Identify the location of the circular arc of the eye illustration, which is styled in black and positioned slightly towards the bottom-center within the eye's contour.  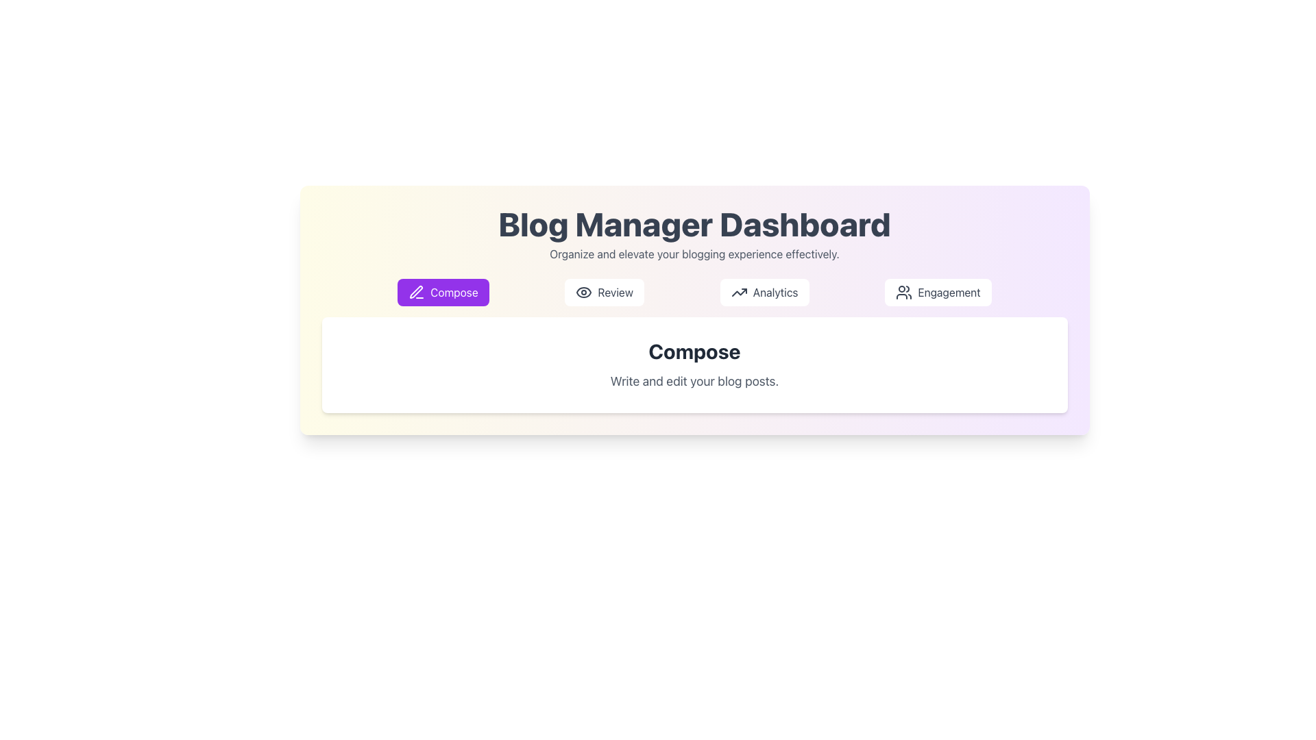
(584, 292).